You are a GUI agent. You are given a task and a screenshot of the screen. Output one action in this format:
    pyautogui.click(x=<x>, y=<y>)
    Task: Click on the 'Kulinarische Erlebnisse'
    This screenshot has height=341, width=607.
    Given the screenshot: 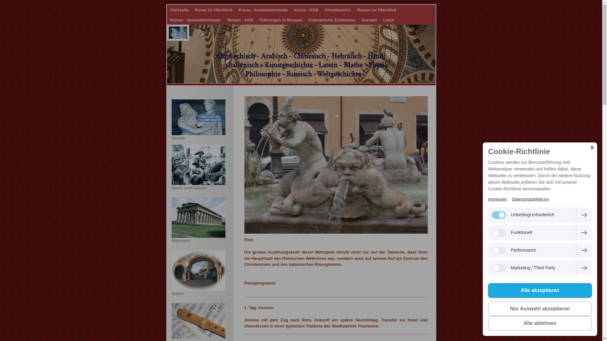 What is the action you would take?
    pyautogui.click(x=331, y=19)
    